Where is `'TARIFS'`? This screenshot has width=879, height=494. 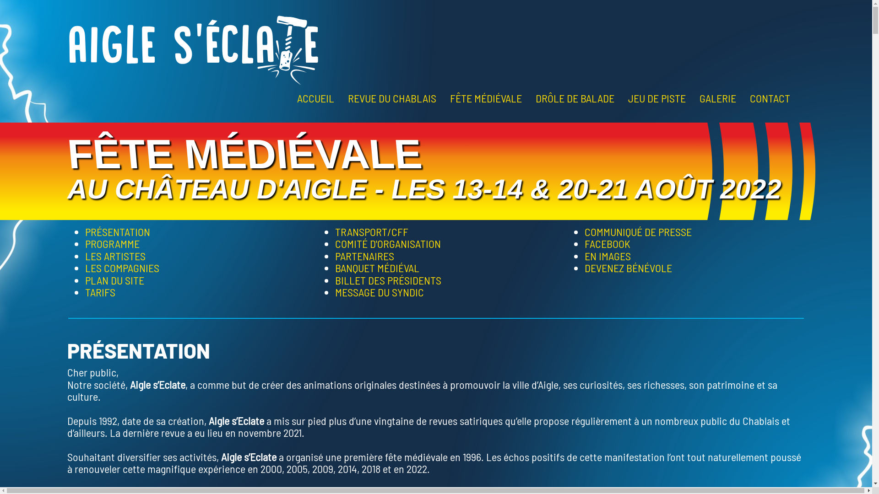
'TARIFS' is located at coordinates (100, 292).